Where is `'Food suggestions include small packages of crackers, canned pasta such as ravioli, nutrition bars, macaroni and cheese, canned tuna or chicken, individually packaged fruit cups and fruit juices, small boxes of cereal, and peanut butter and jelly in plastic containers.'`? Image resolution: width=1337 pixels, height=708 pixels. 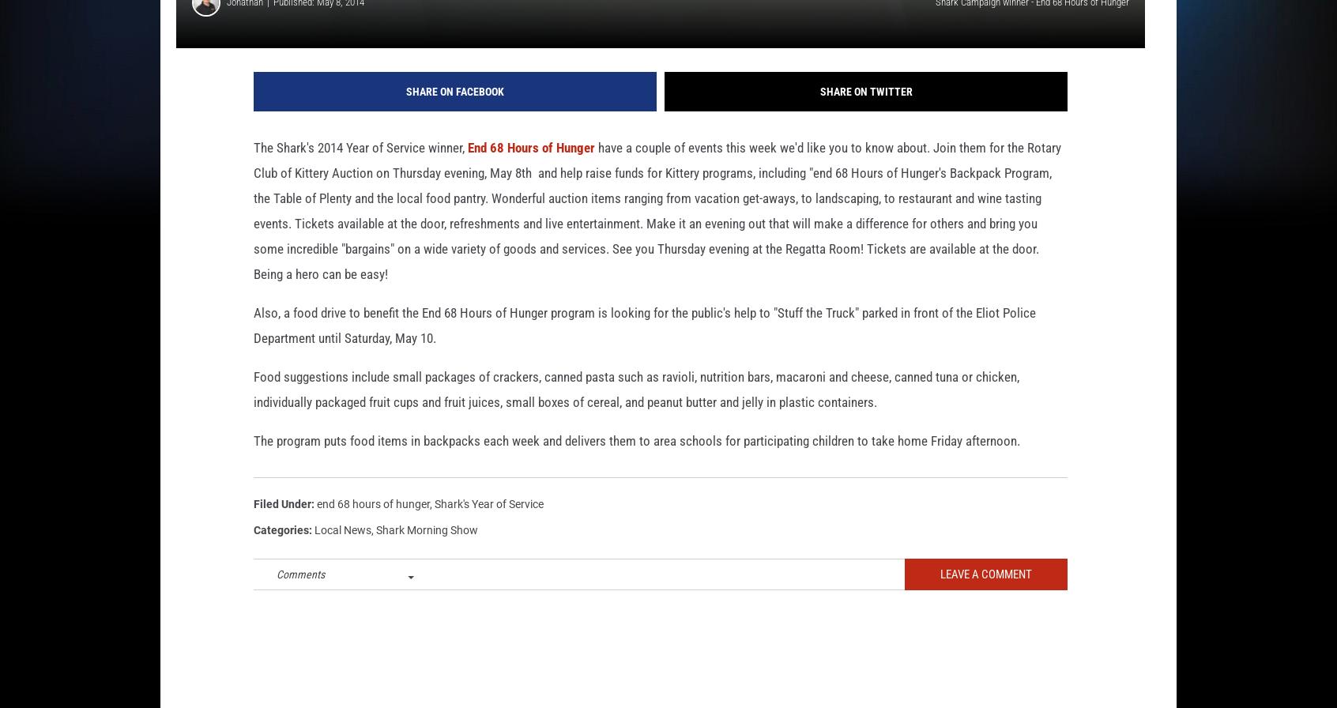 'Food suggestions include small packages of crackers, canned pasta such as ravioli, nutrition bars, macaroni and cheese, canned tuna or chicken, individually packaged fruit cups and fruit juices, small boxes of cereal, and peanut butter and jelly in plastic containers.' is located at coordinates (636, 414).